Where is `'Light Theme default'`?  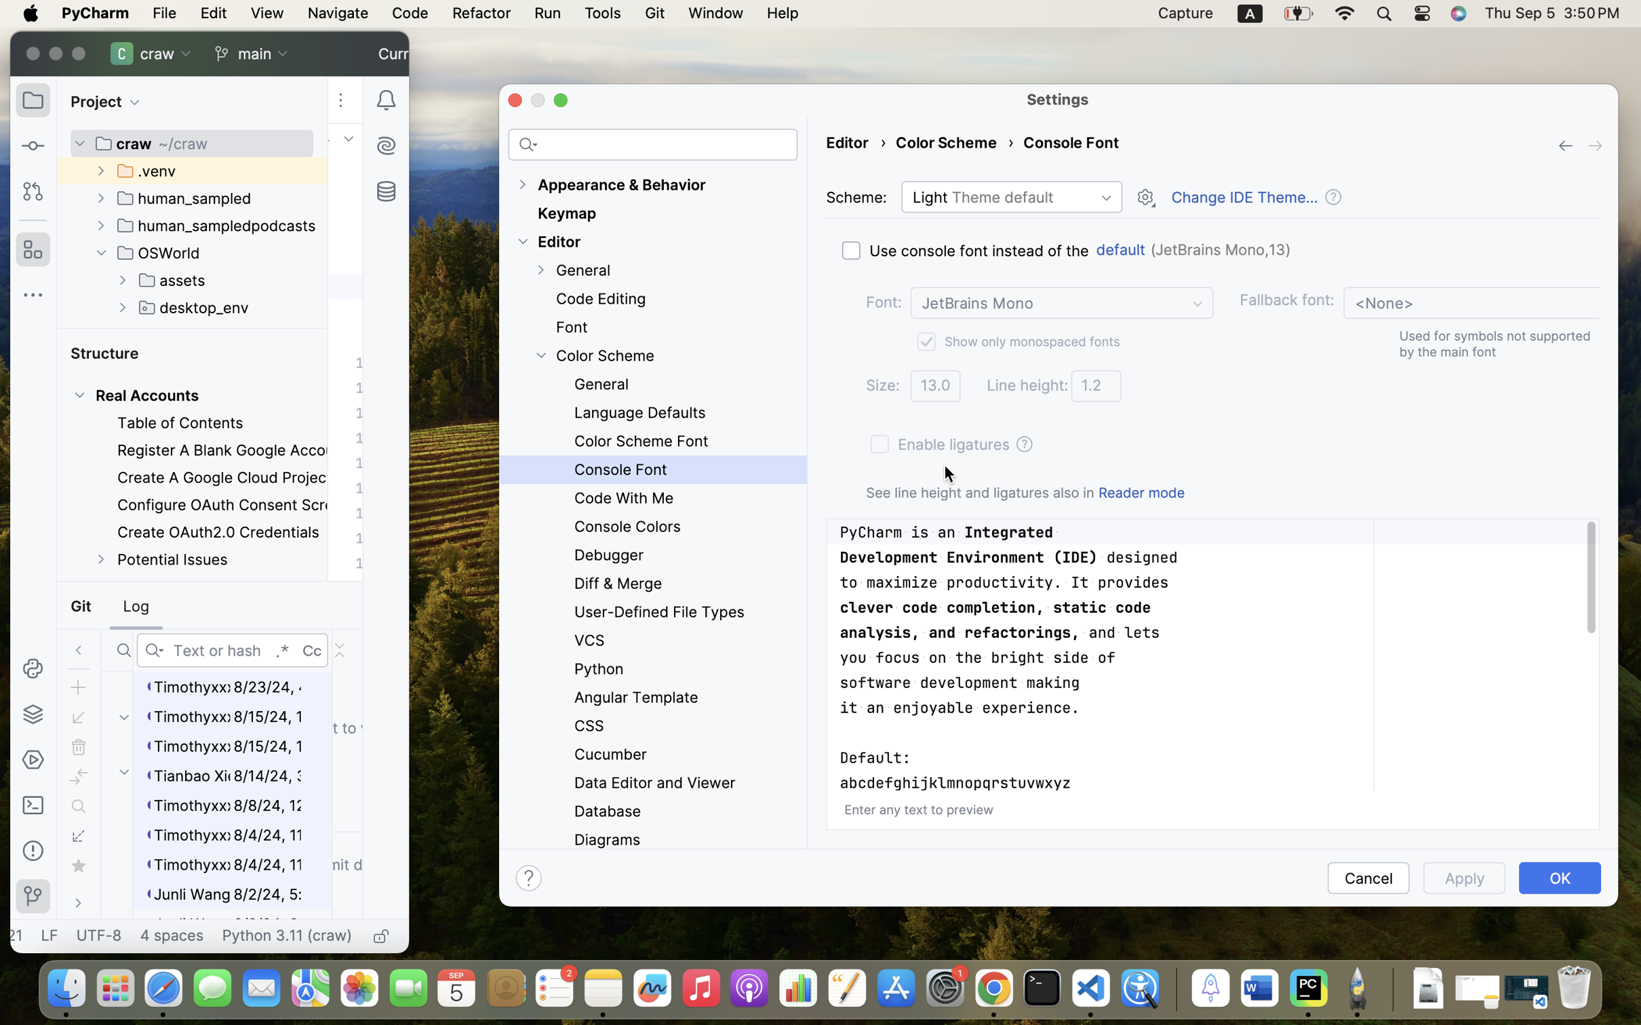 'Light Theme default' is located at coordinates (1011, 197).